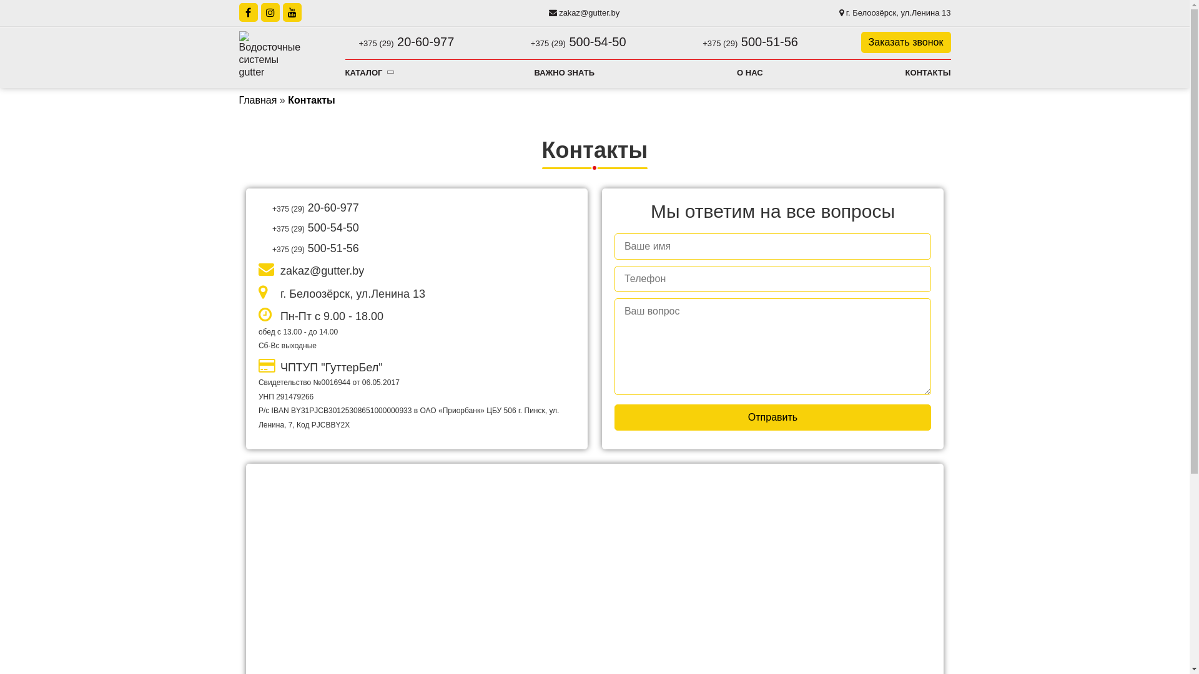  Describe the element at coordinates (269, 12) in the screenshot. I see `'Instagram'` at that location.